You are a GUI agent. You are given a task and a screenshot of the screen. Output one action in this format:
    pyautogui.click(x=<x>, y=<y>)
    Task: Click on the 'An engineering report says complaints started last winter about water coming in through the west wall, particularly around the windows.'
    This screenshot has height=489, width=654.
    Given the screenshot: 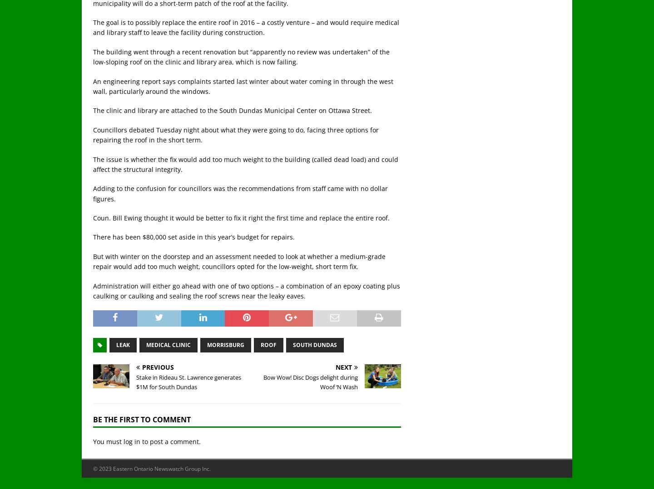 What is the action you would take?
    pyautogui.click(x=243, y=85)
    